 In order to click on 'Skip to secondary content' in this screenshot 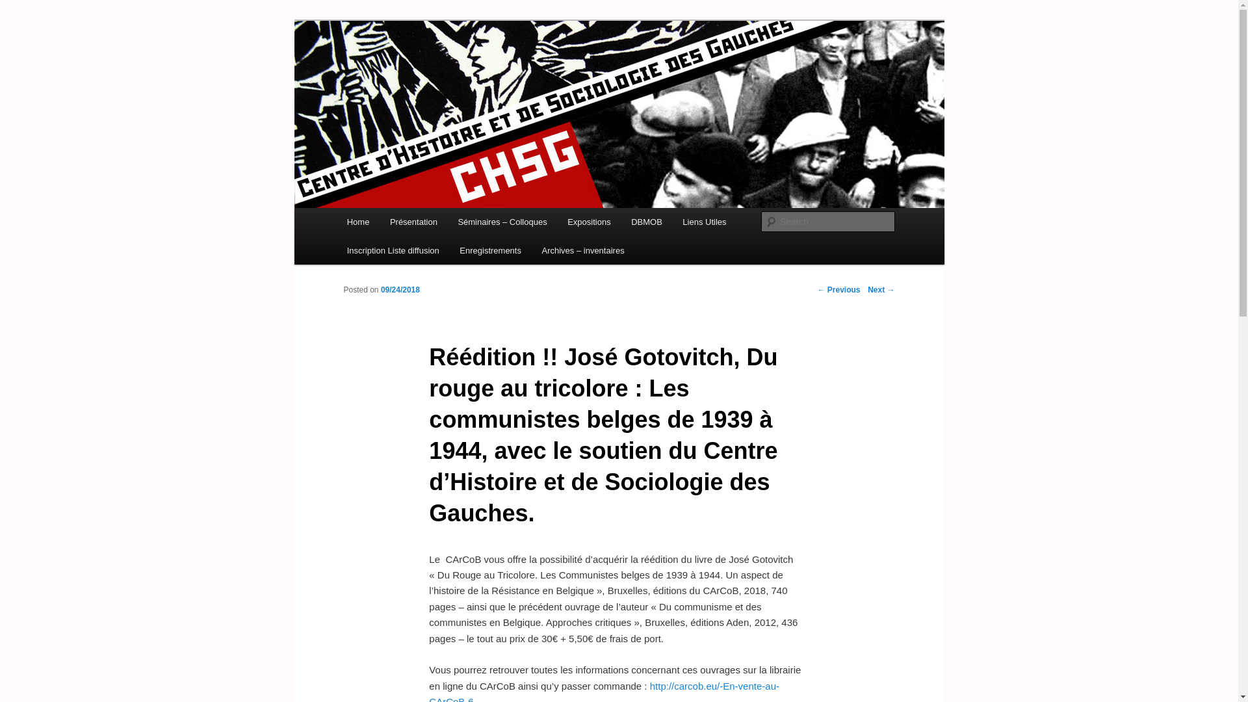, I will do `click(410, 223)`.